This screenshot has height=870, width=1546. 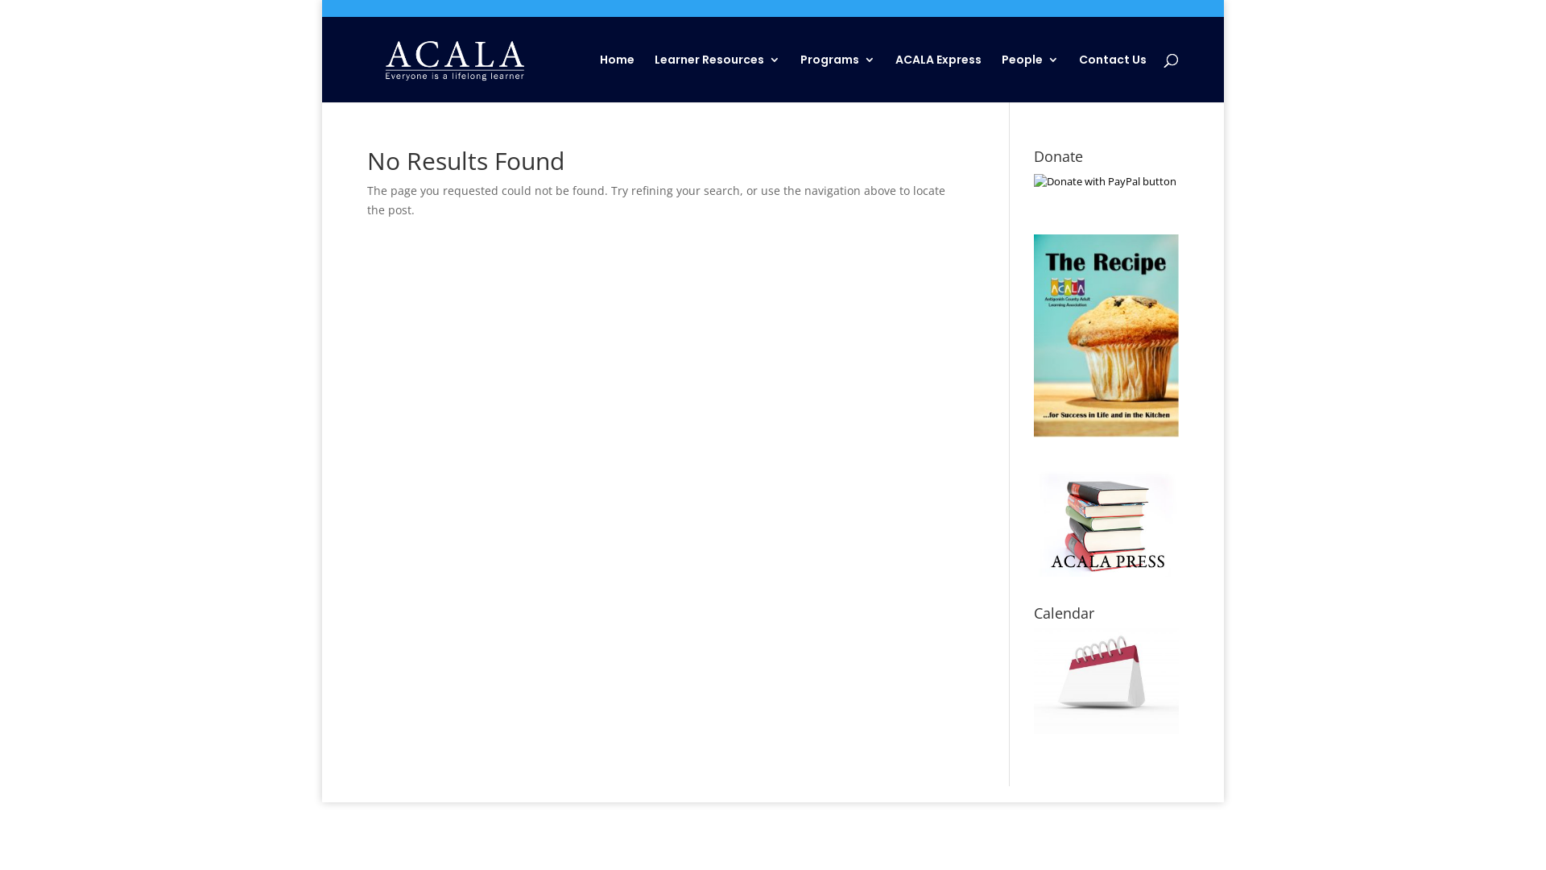 I want to click on 'PayPal - The safer, easier way to pay online!', so click(x=1033, y=180).